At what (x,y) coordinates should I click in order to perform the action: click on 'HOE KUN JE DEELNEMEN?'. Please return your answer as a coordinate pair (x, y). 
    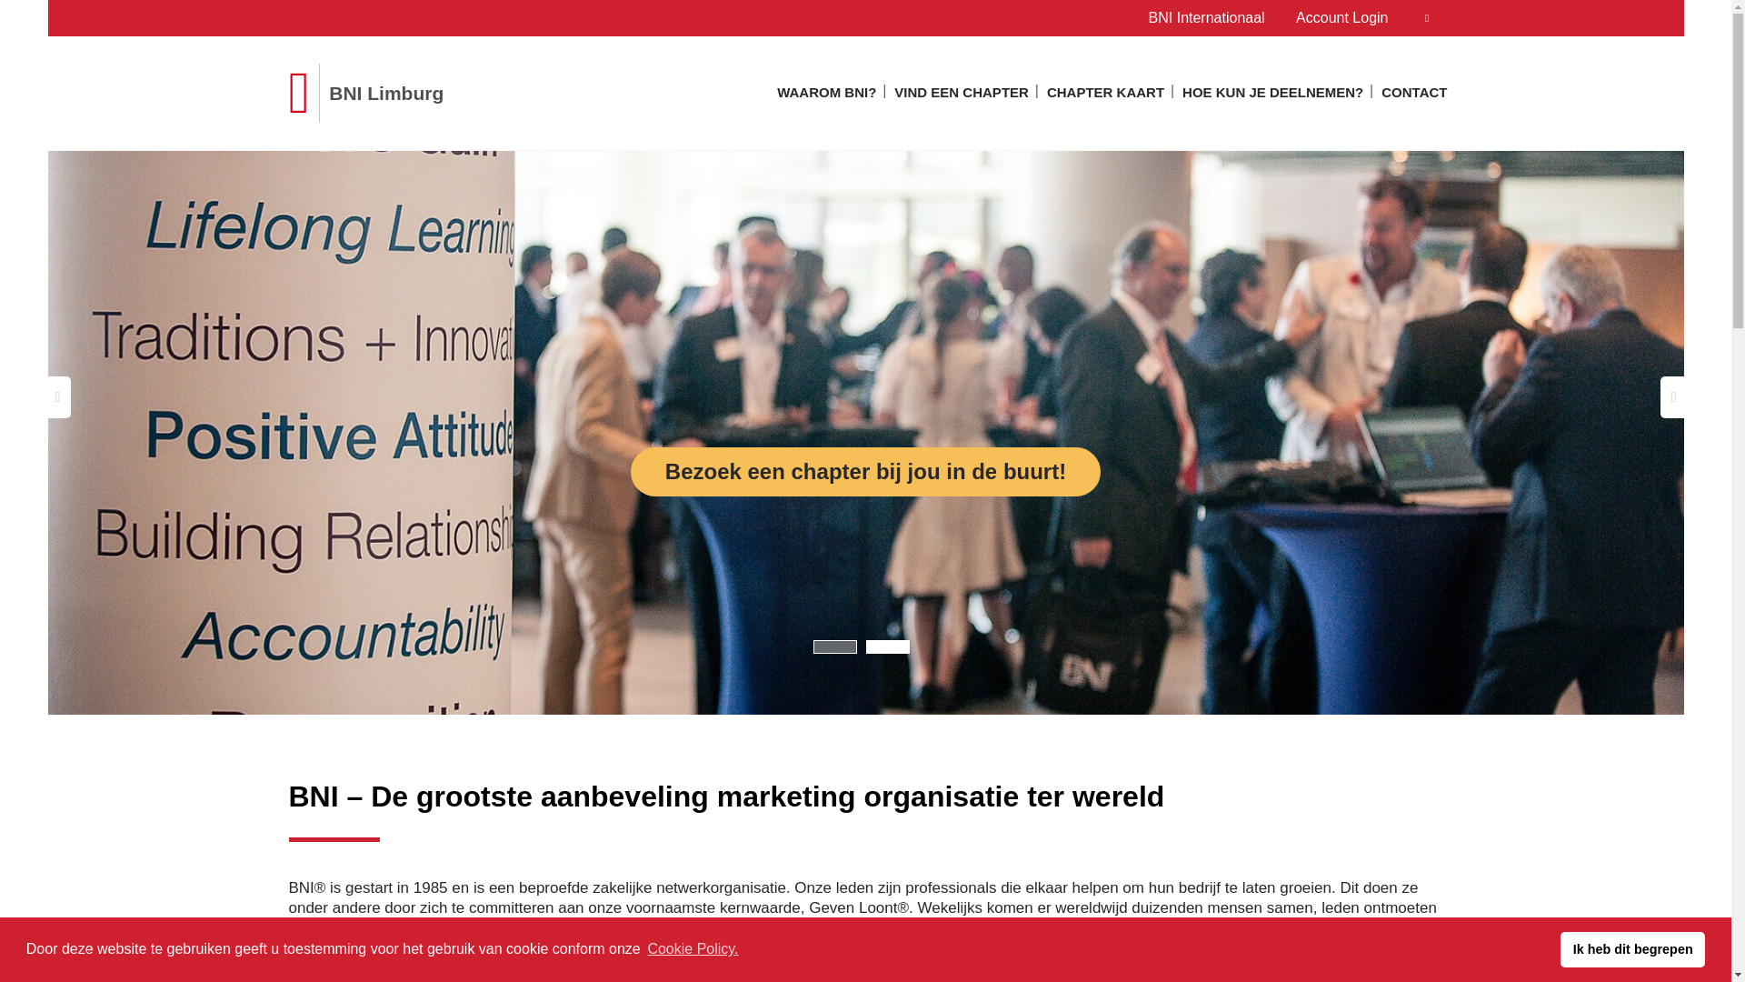
    Looking at the image, I should click on (1271, 97).